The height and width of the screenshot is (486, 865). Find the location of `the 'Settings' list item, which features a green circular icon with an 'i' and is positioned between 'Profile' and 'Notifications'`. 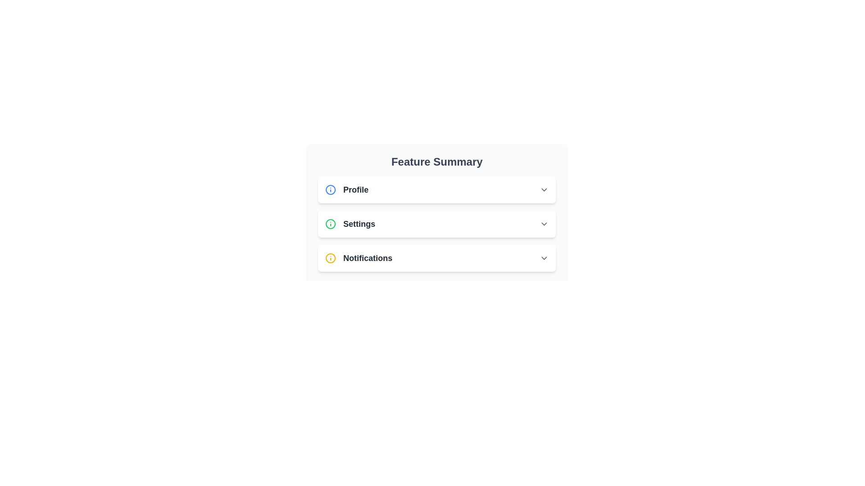

the 'Settings' list item, which features a green circular icon with an 'i' and is positioned between 'Profile' and 'Notifications' is located at coordinates (350, 223).